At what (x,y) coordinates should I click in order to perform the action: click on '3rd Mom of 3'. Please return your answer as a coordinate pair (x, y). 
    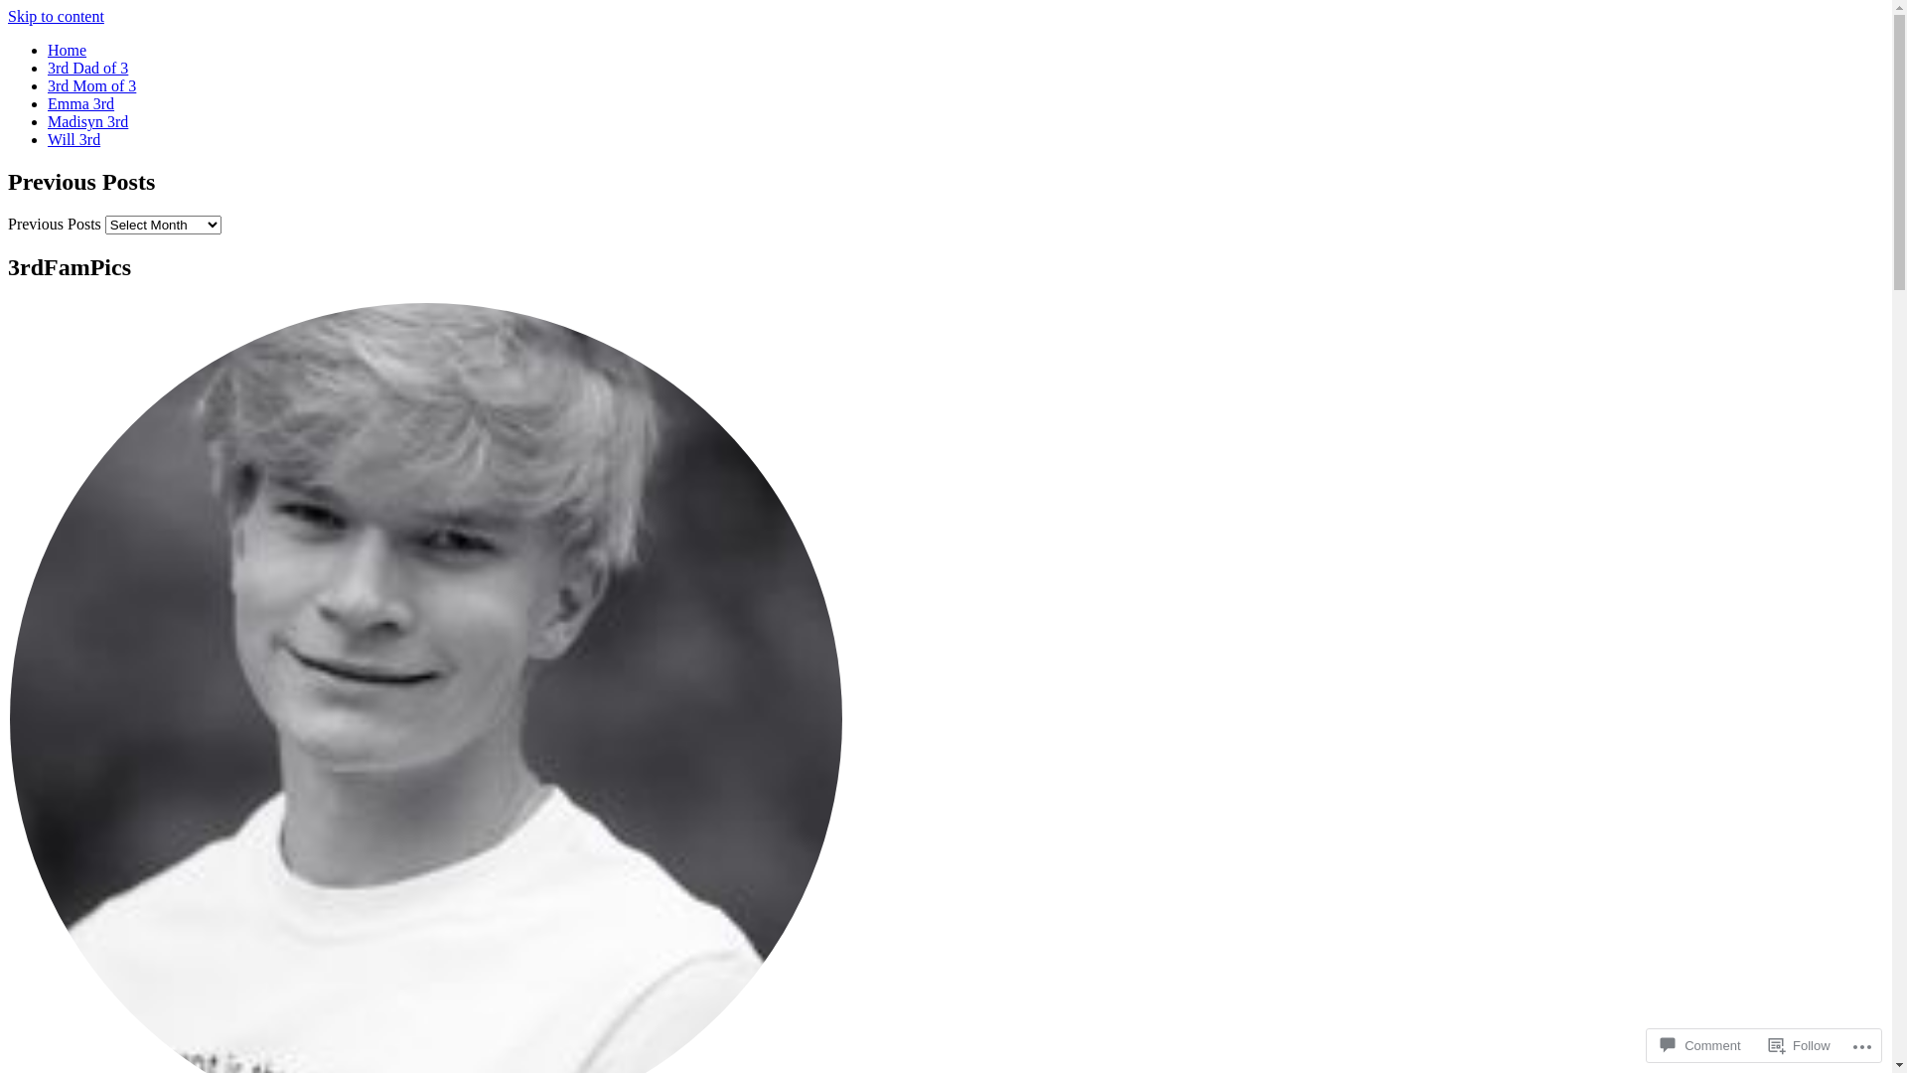
    Looking at the image, I should click on (90, 84).